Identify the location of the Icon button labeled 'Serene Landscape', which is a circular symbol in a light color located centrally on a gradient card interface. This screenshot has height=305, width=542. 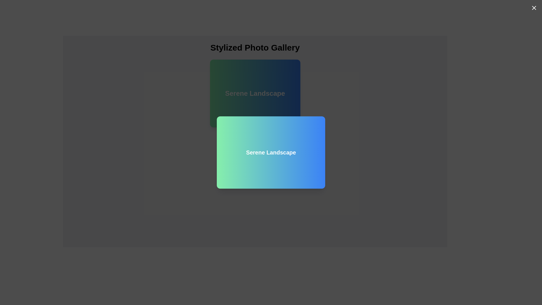
(255, 149).